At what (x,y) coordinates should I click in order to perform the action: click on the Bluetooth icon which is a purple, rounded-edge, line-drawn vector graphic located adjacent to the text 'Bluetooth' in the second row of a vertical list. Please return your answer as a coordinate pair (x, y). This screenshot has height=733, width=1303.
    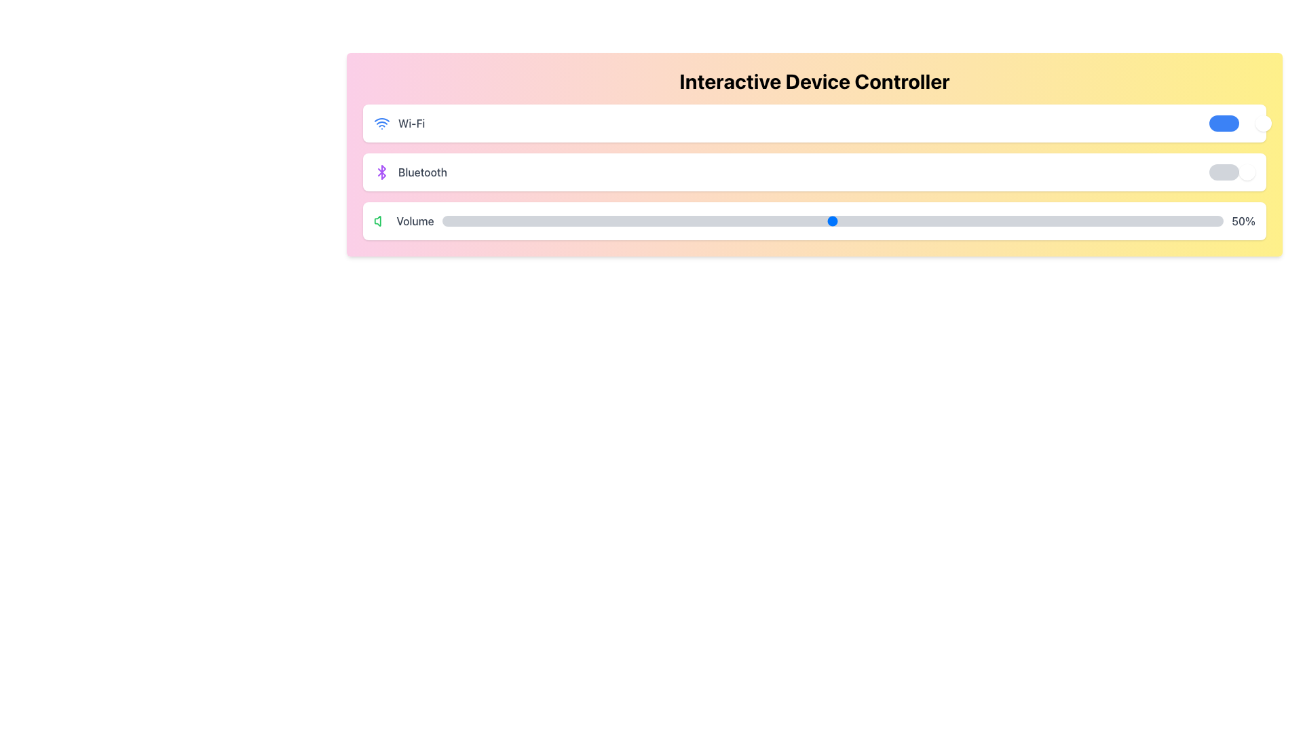
    Looking at the image, I should click on (381, 172).